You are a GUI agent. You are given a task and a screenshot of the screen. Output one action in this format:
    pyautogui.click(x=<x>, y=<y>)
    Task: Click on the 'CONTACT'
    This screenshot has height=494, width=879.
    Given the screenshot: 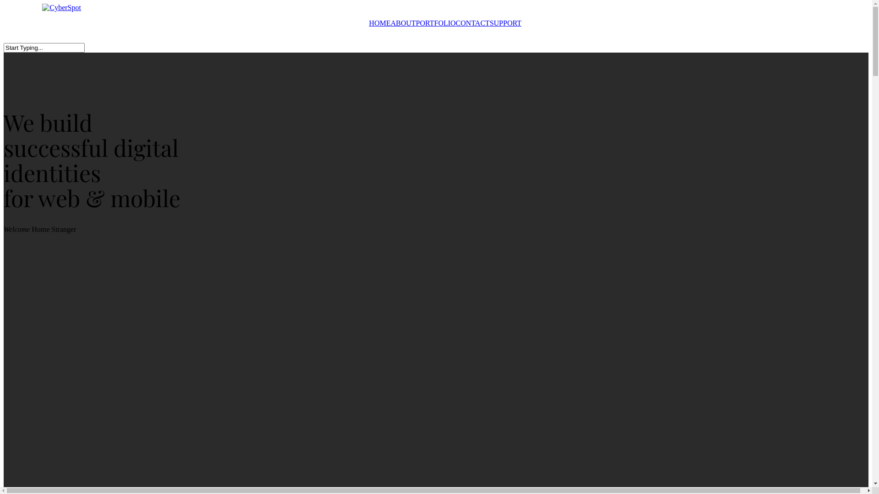 What is the action you would take?
    pyautogui.click(x=472, y=22)
    